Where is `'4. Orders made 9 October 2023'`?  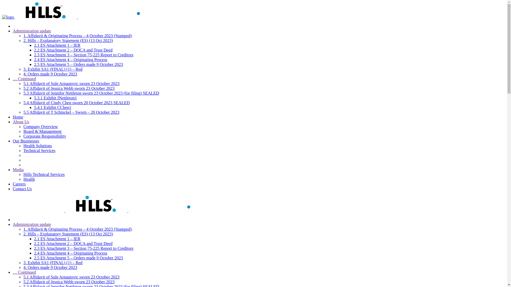
'4. Orders made 9 October 2023' is located at coordinates (50, 267).